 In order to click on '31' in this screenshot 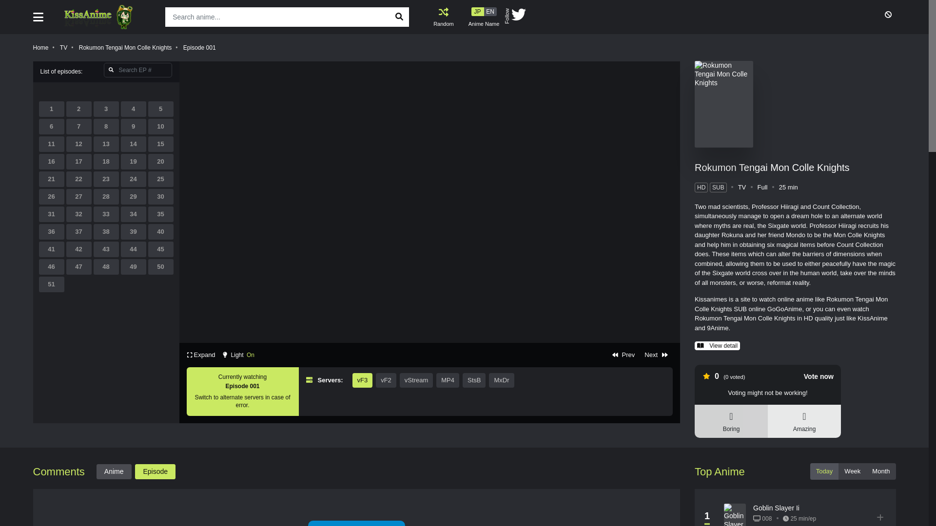, I will do `click(39, 213)`.